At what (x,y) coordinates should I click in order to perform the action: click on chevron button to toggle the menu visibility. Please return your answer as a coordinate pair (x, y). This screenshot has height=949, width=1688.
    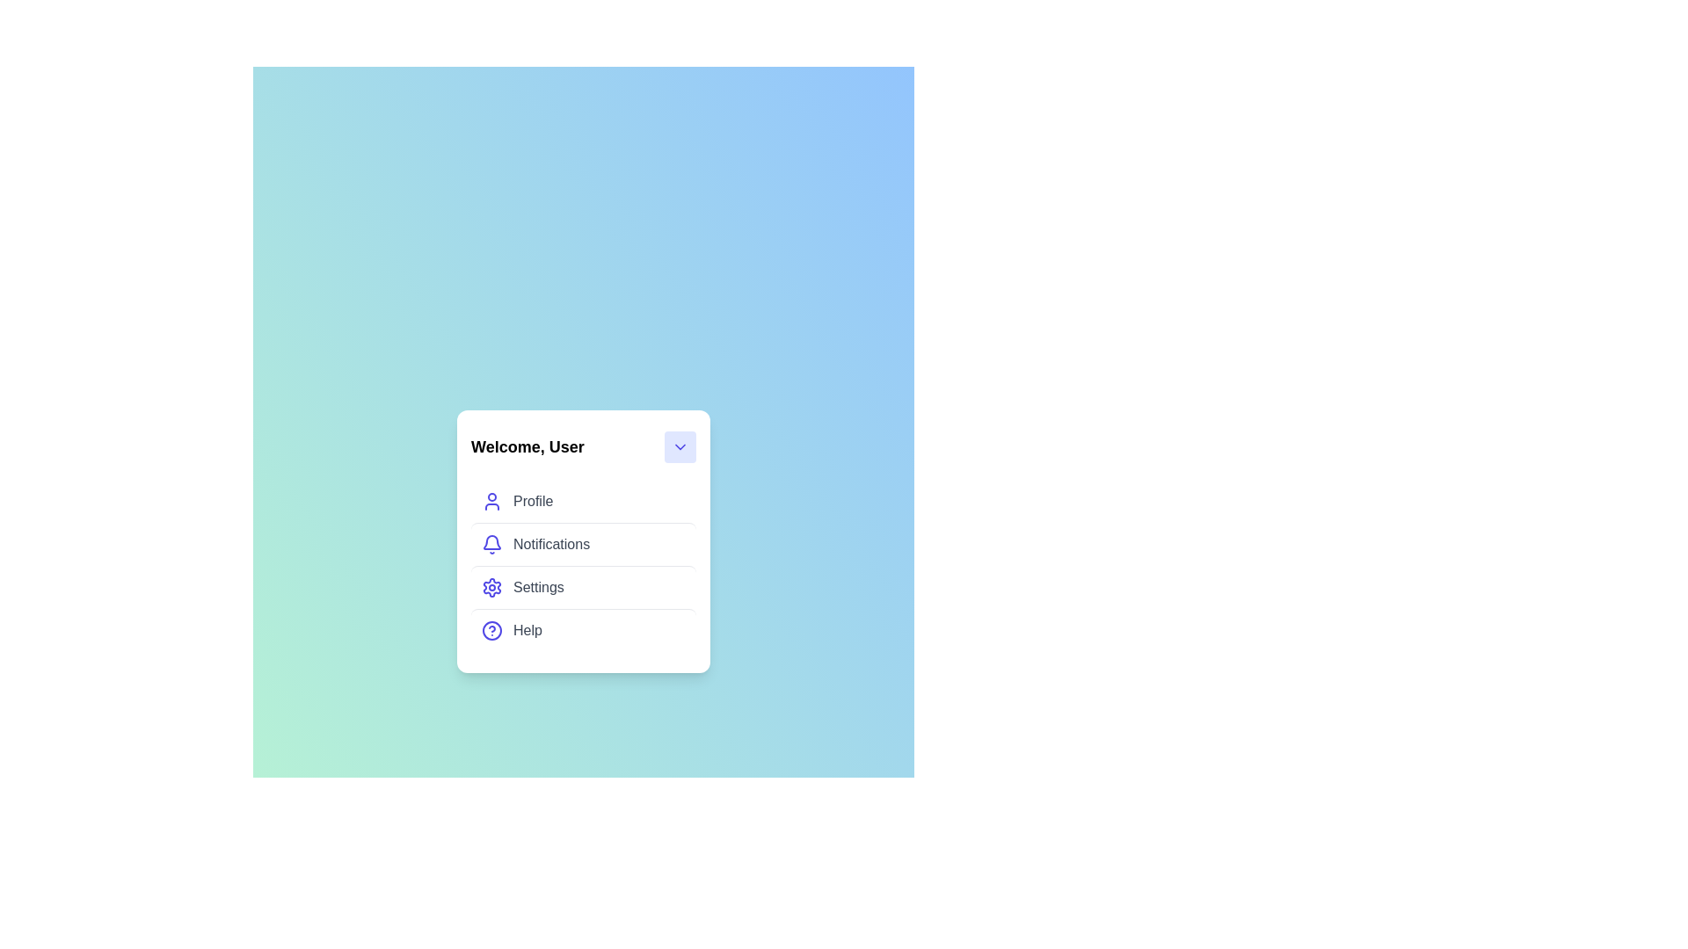
    Looking at the image, I should click on (679, 446).